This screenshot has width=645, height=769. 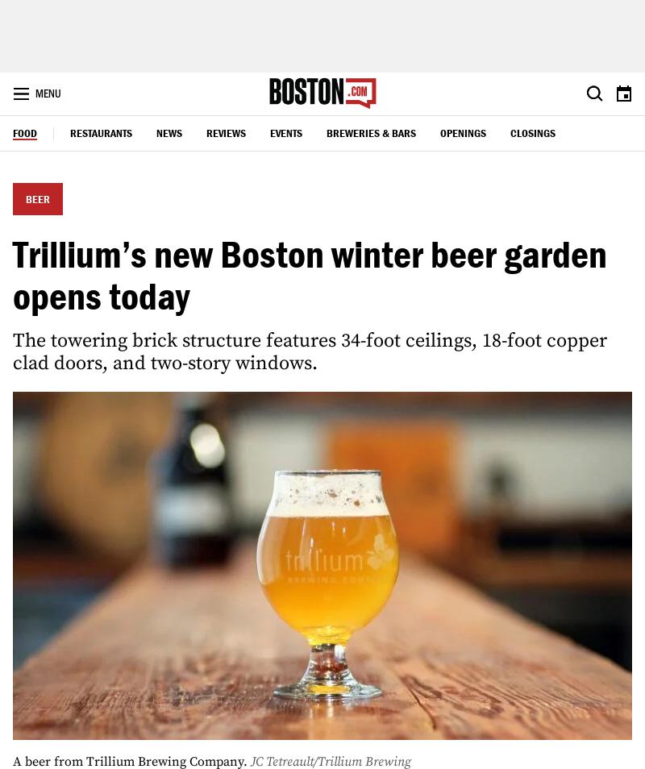 I want to click on 'Special offer for Boston.com readers:', so click(x=330, y=367).